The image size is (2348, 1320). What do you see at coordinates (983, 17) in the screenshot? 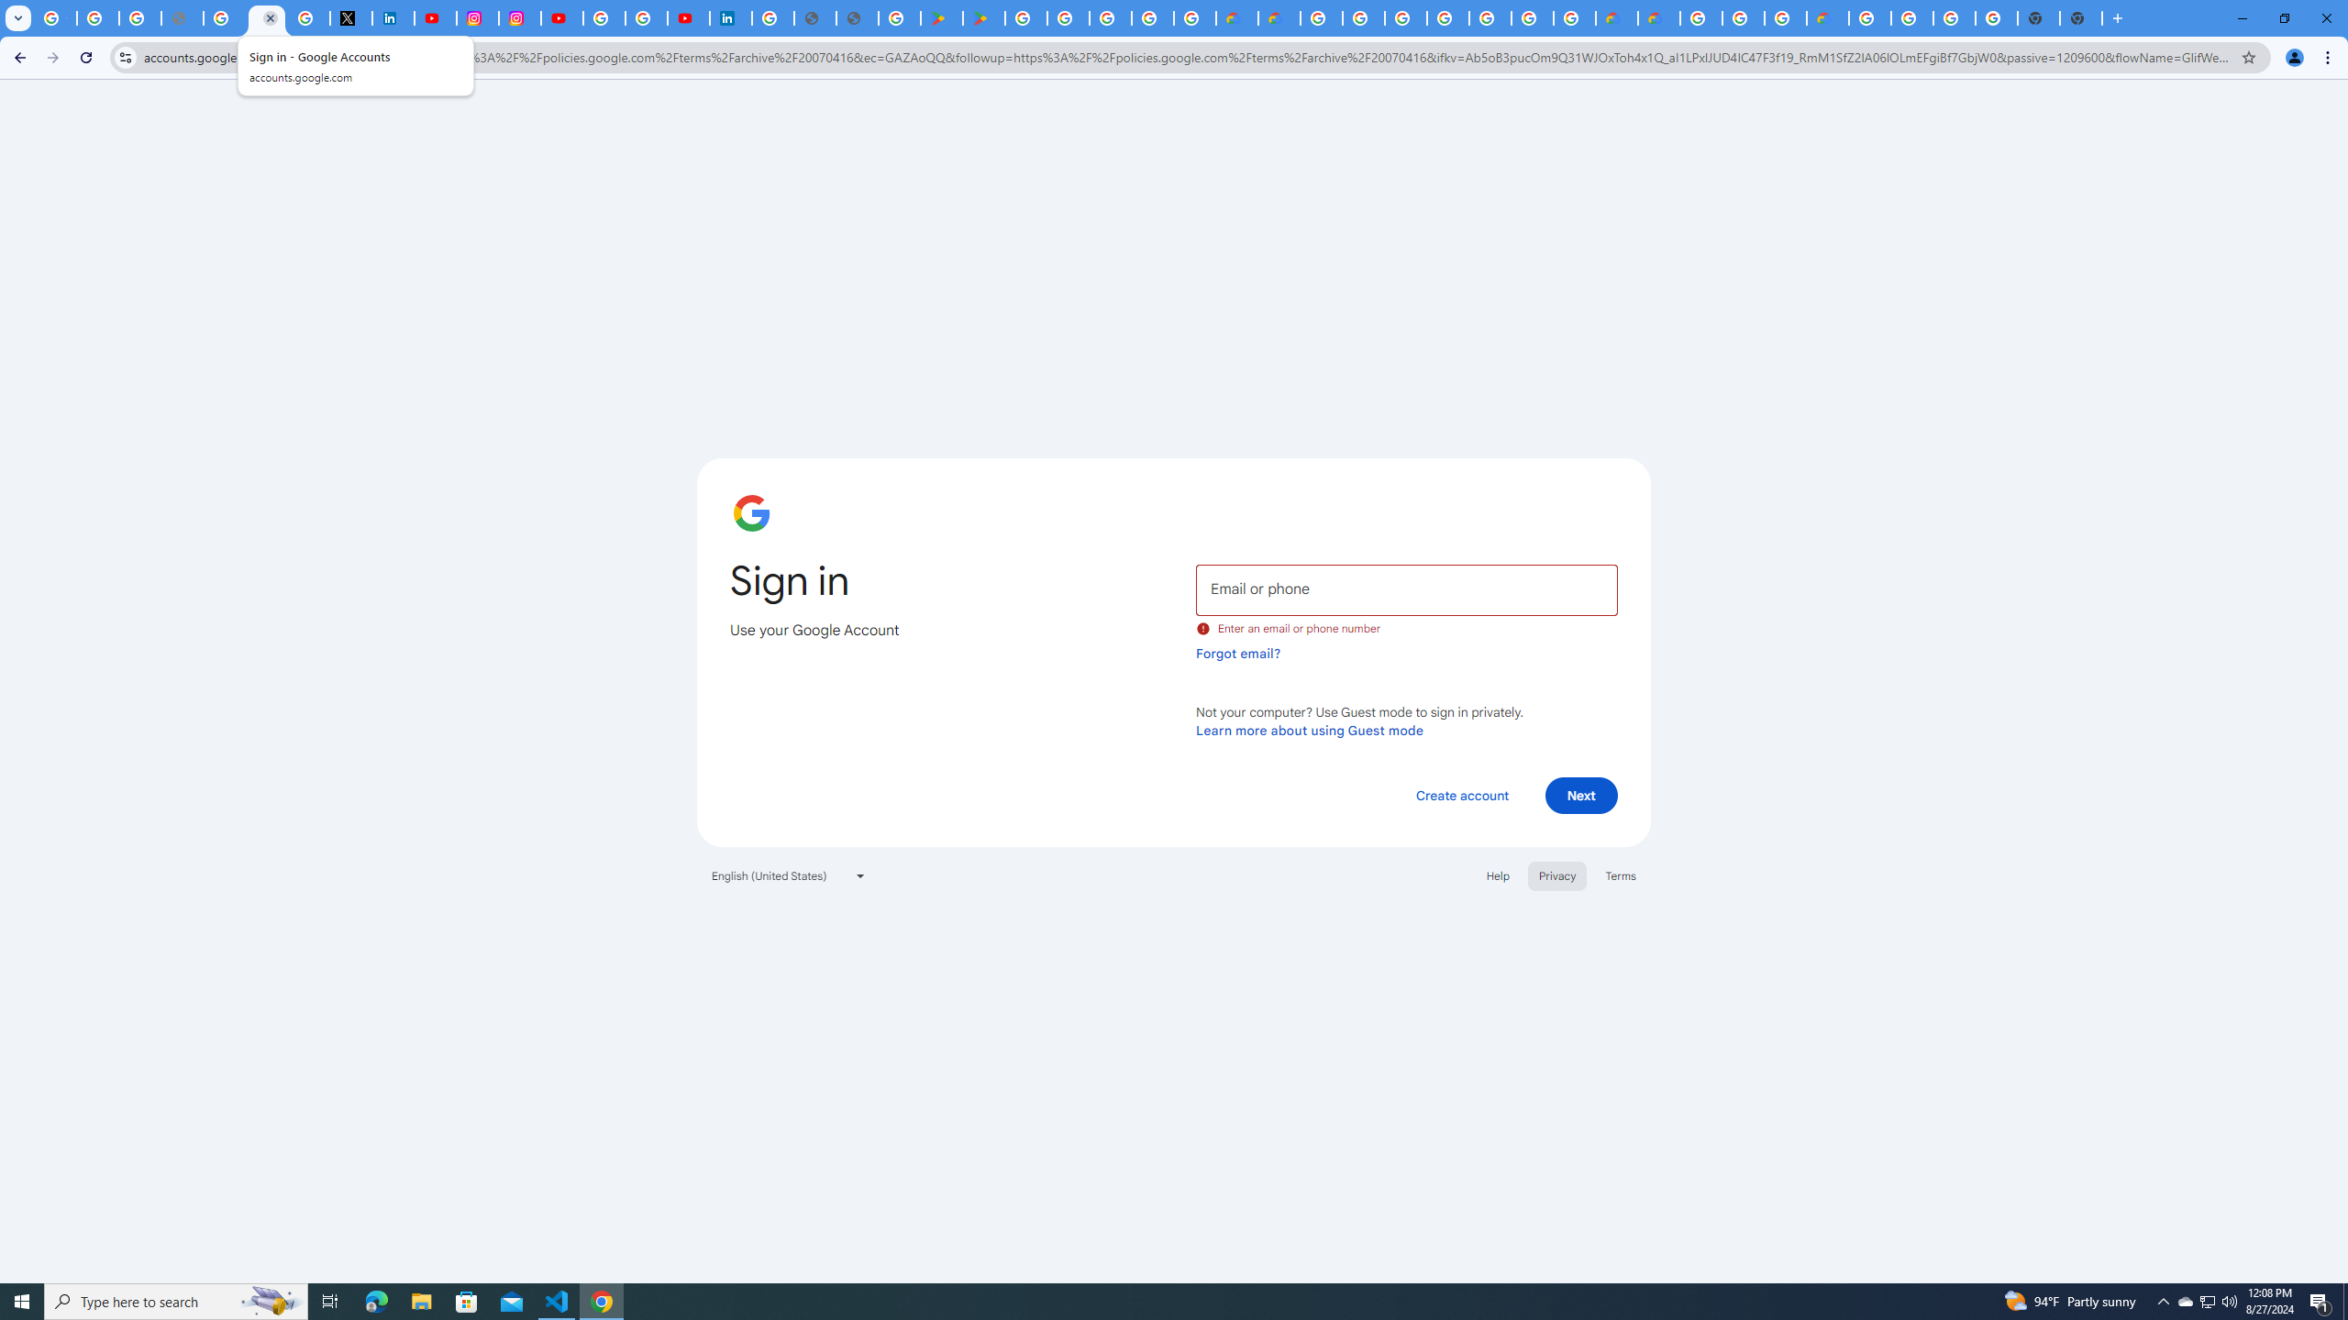
I see `'PAW Patrol Rescue World - Apps on Google Play'` at bounding box center [983, 17].